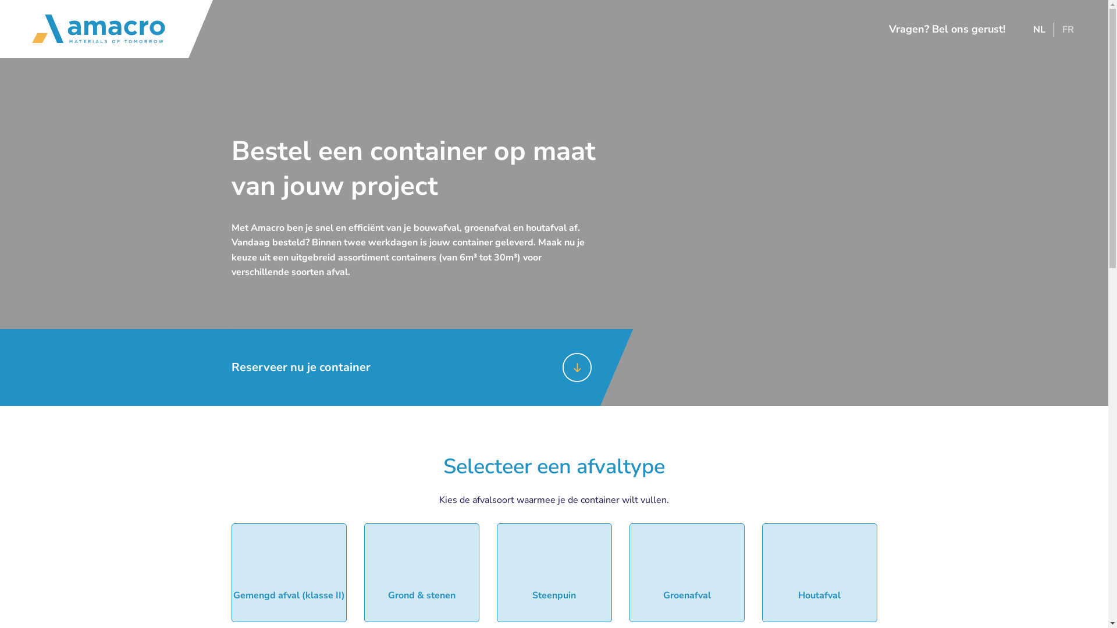 Image resolution: width=1117 pixels, height=628 pixels. I want to click on 'Vragen? Bel ons gerust!', so click(941, 28).